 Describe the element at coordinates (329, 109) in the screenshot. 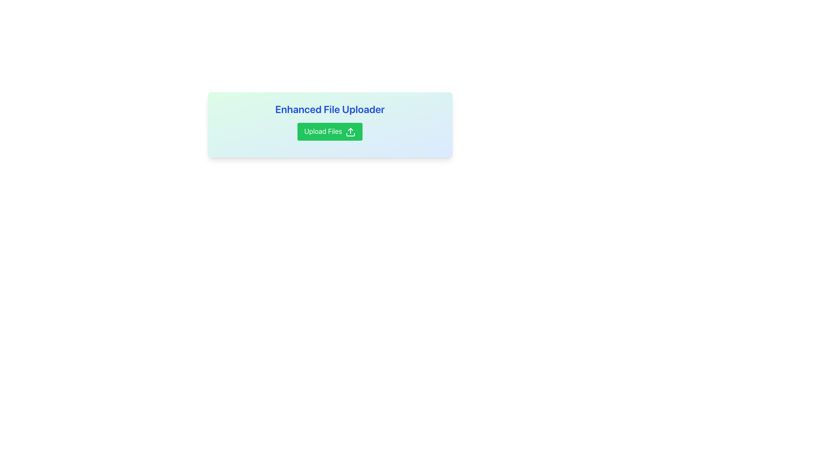

I see `the text label displaying 'Enhanced File Uploader', which is centrally aligned and positioned above the 'Upload Files' button` at that location.